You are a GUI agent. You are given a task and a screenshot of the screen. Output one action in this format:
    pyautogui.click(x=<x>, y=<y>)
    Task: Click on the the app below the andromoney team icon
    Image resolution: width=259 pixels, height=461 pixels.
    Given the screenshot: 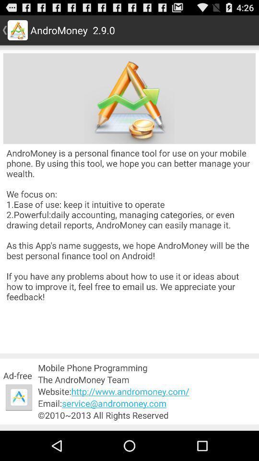 What is the action you would take?
    pyautogui.click(x=147, y=391)
    